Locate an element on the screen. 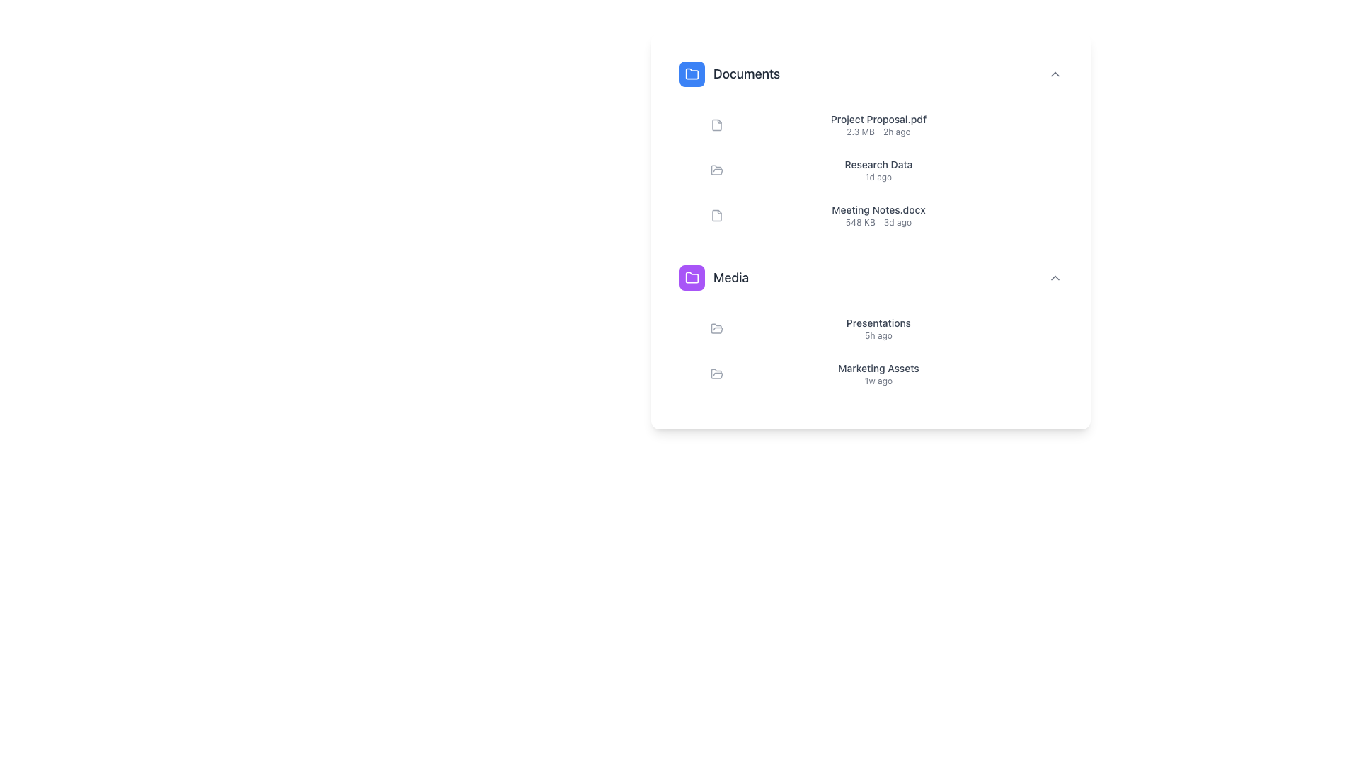 This screenshot has width=1359, height=764. the 'Documents' icon, which is the first element in the row representing the category 'Documents' is located at coordinates (692, 74).